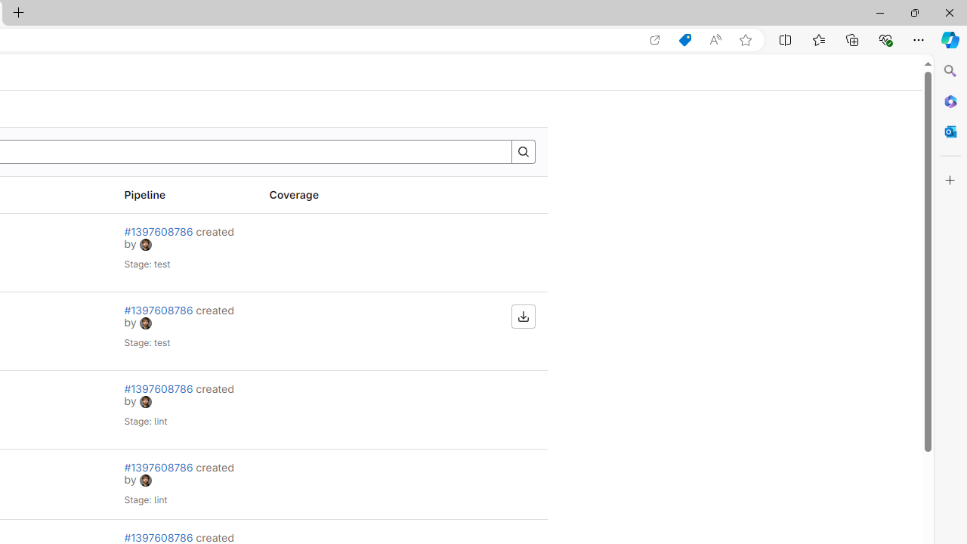  I want to click on 'Coverage', so click(329, 194).